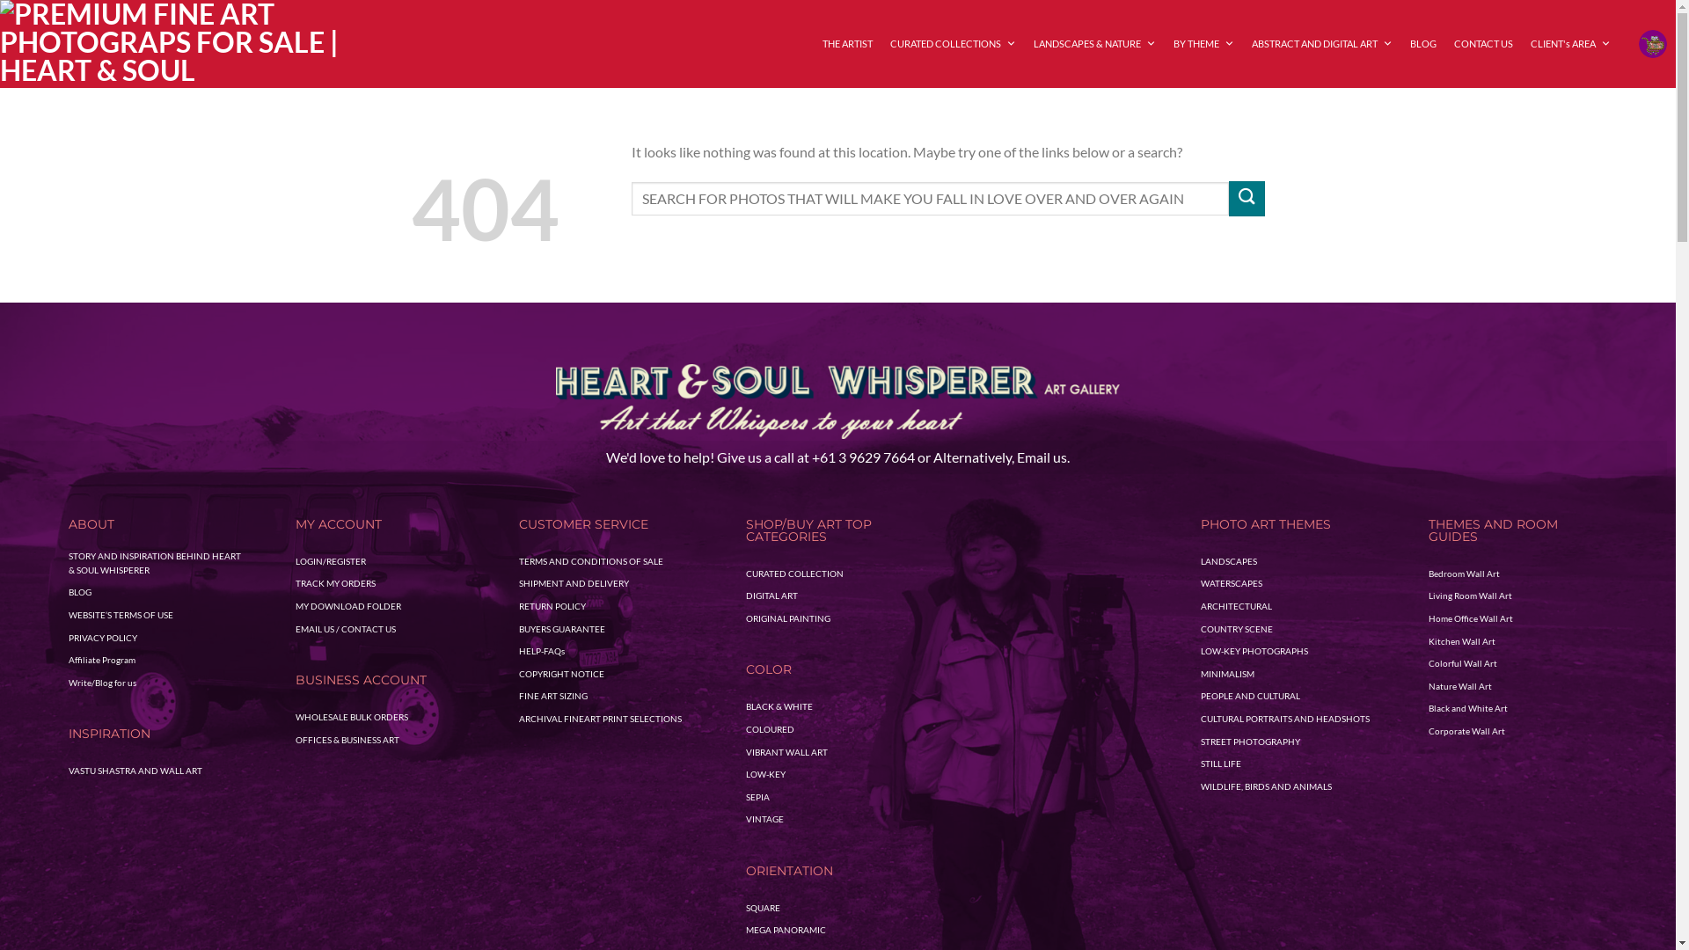 The image size is (1689, 950). What do you see at coordinates (518, 651) in the screenshot?
I see `'HELP-FAQs'` at bounding box center [518, 651].